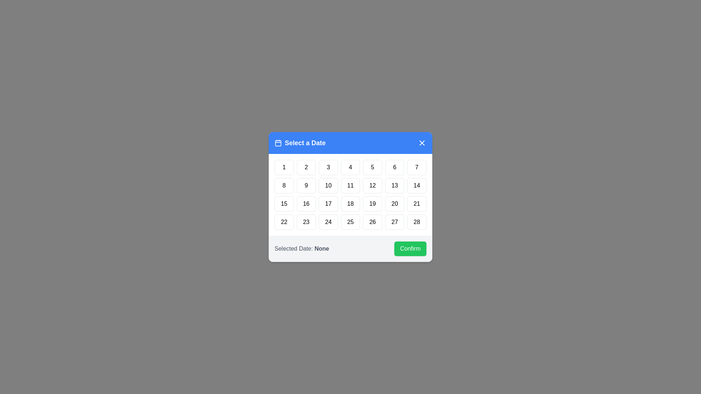 The width and height of the screenshot is (701, 394). I want to click on the day button labeled 20 to highlight it, so click(394, 204).